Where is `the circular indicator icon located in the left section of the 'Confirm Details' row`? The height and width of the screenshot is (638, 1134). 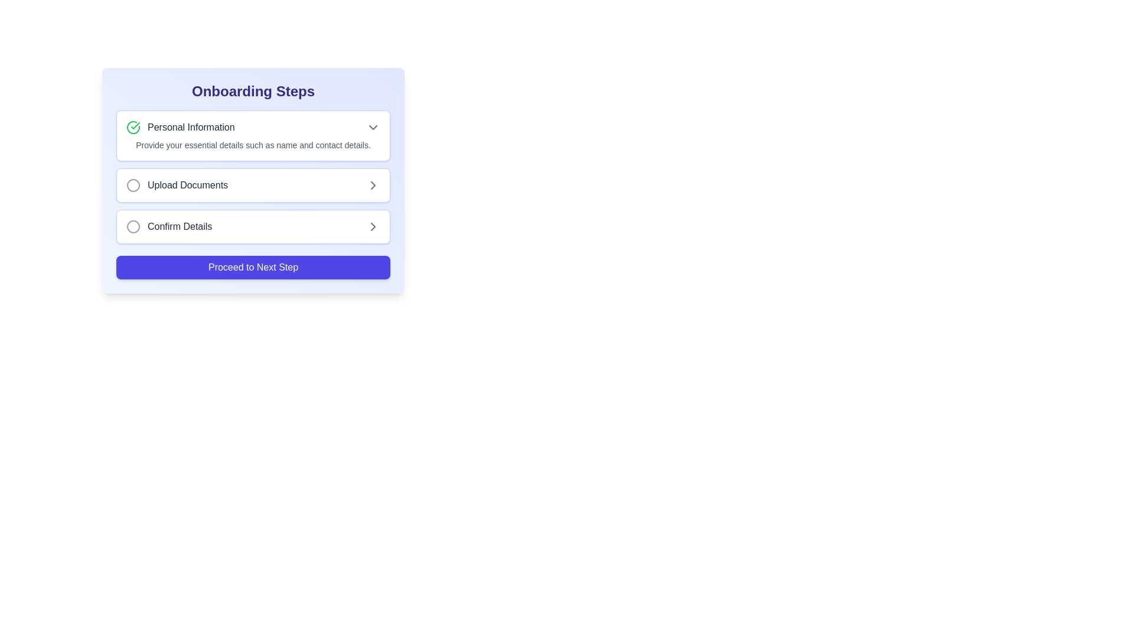
the circular indicator icon located in the left section of the 'Confirm Details' row is located at coordinates (133, 227).